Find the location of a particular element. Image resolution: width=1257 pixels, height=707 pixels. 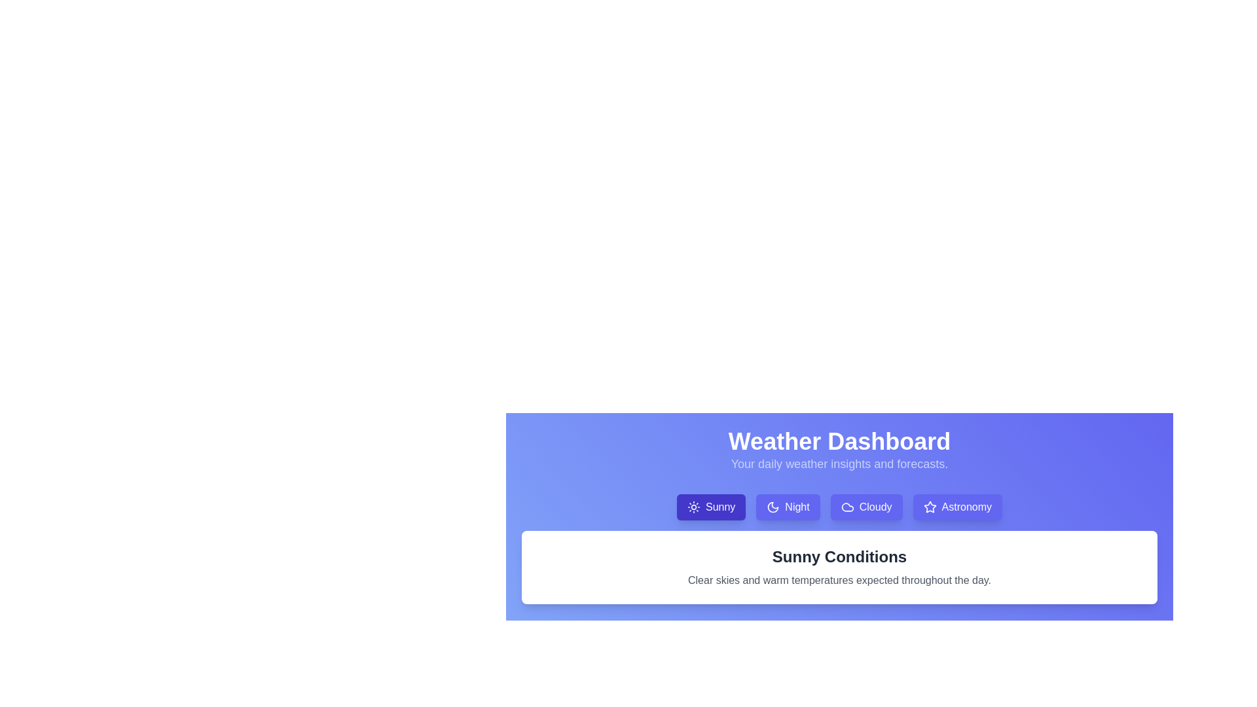

the weather condition tab labeled Sunny is located at coordinates (710, 507).